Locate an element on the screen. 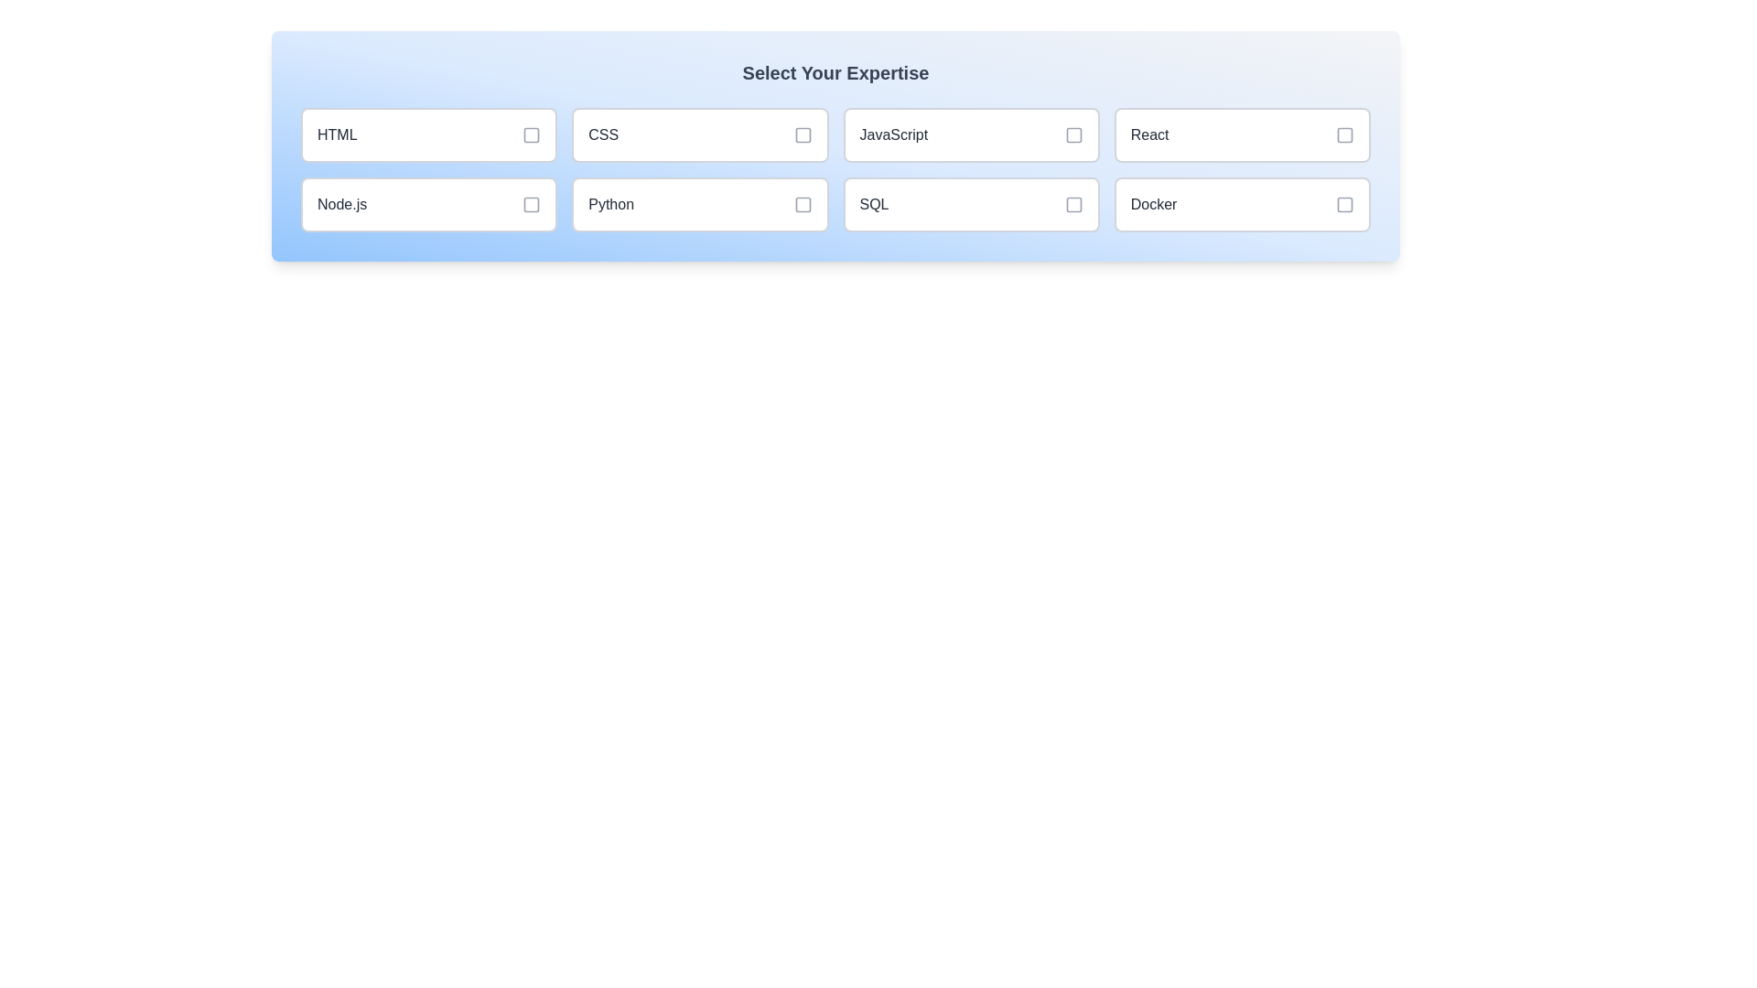  the skill item labeled React to toggle its selection state is located at coordinates (1242, 134).